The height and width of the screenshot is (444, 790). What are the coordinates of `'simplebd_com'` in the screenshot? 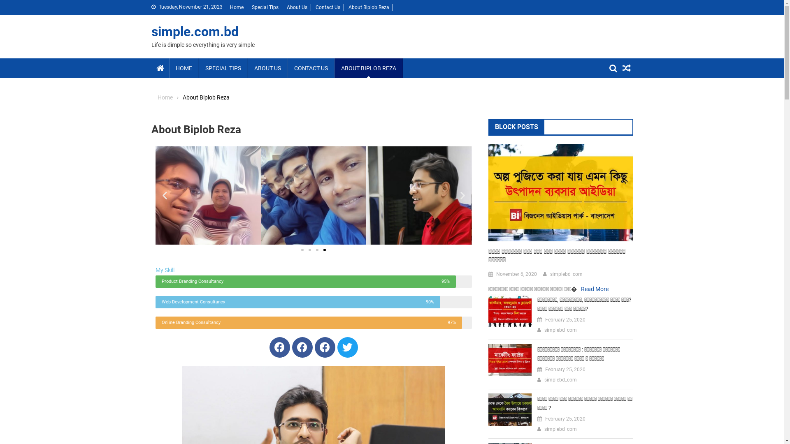 It's located at (560, 330).